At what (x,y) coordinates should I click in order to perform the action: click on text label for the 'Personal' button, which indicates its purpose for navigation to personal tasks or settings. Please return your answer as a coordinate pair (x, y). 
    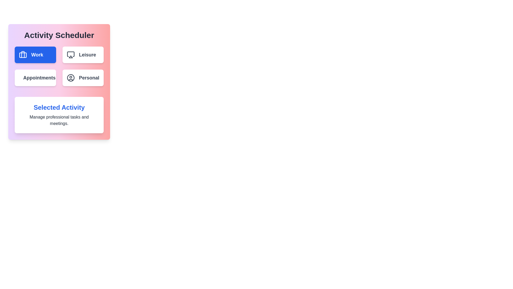
    Looking at the image, I should click on (89, 78).